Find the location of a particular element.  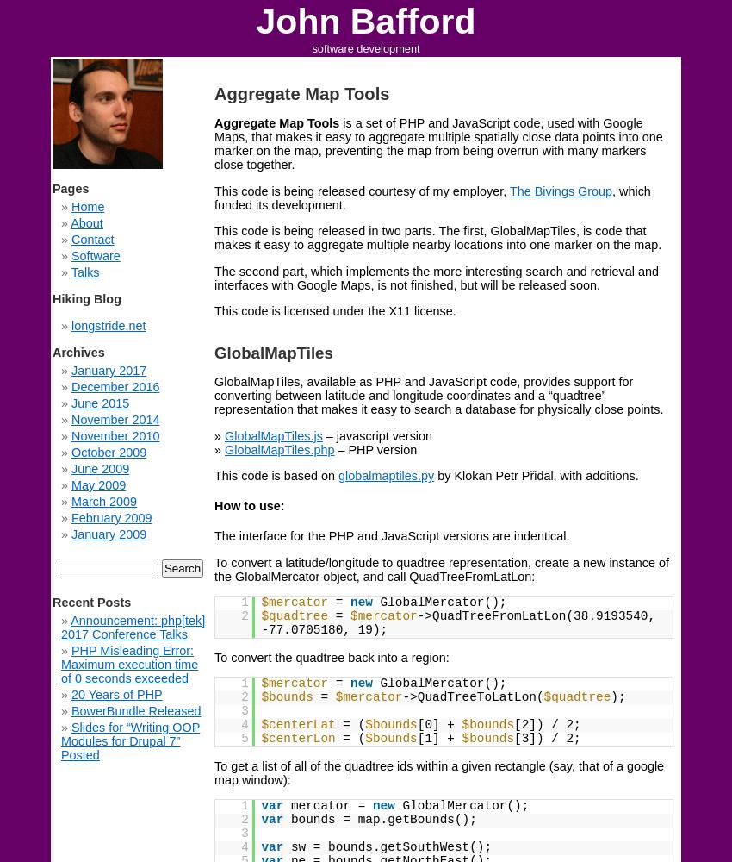

'Talks' is located at coordinates (84, 272).